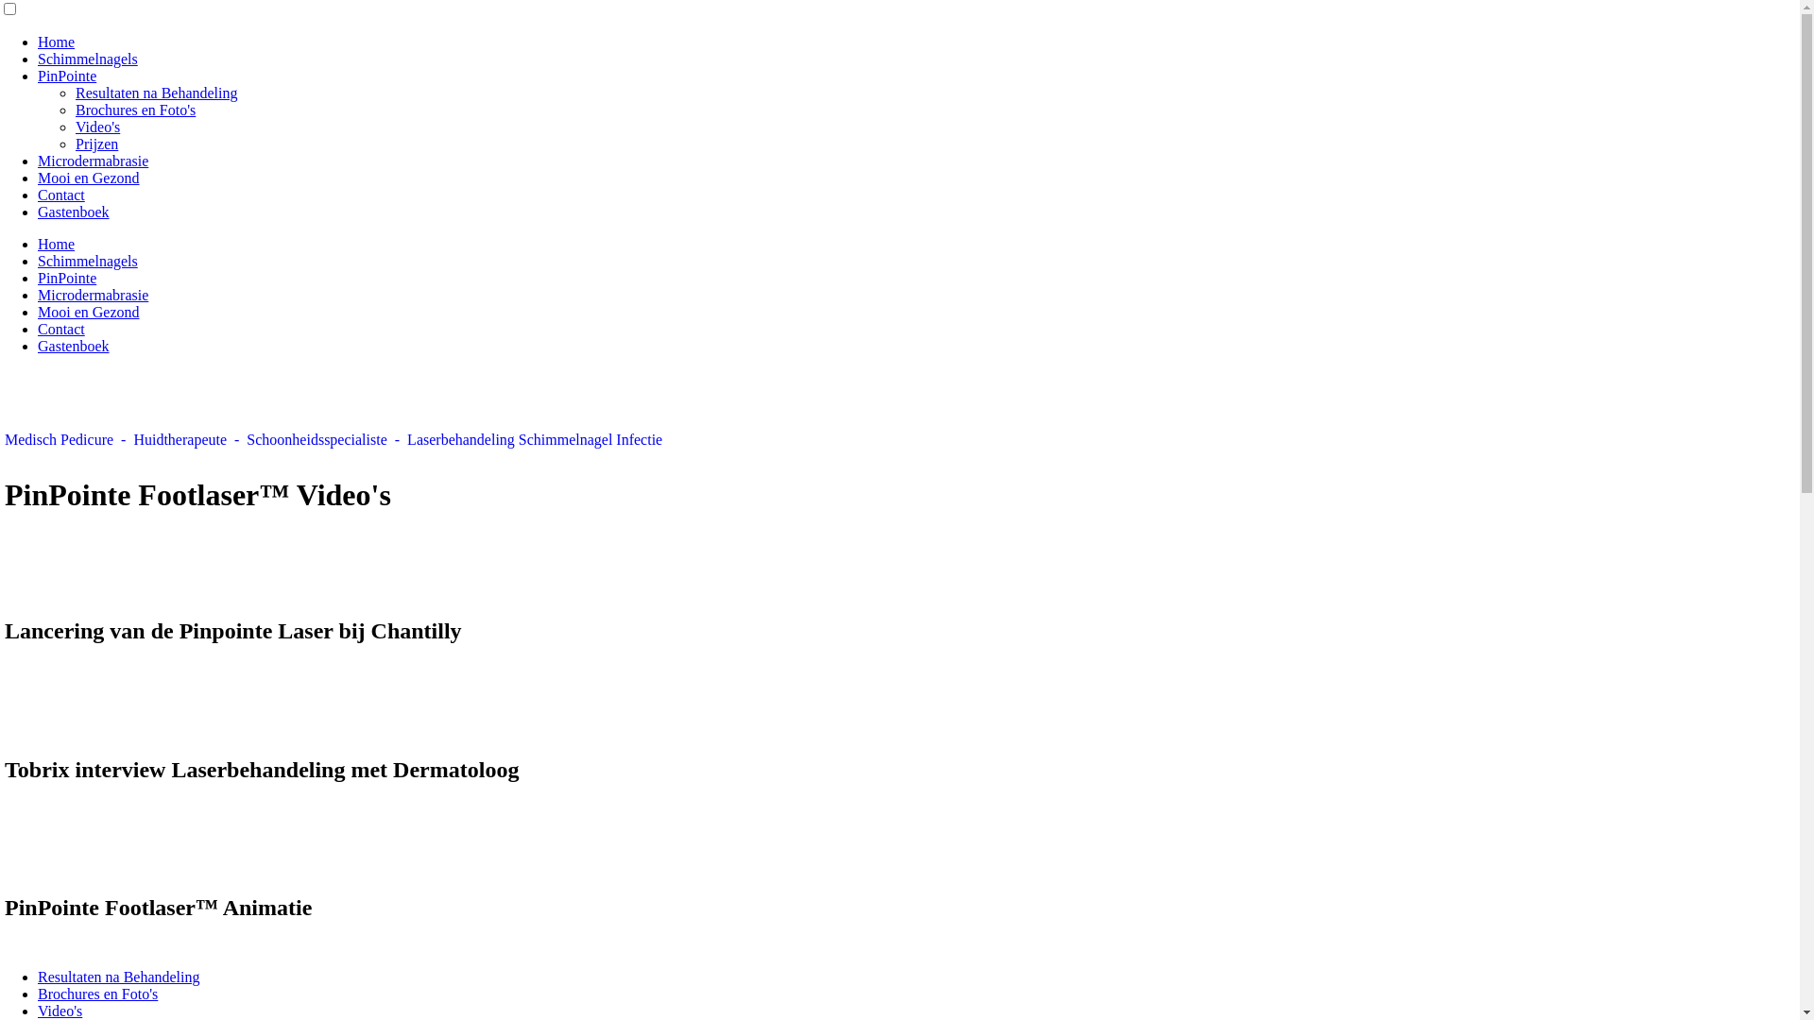 The height and width of the screenshot is (1020, 1814). What do you see at coordinates (37, 58) in the screenshot?
I see `'Schimmelnagels'` at bounding box center [37, 58].